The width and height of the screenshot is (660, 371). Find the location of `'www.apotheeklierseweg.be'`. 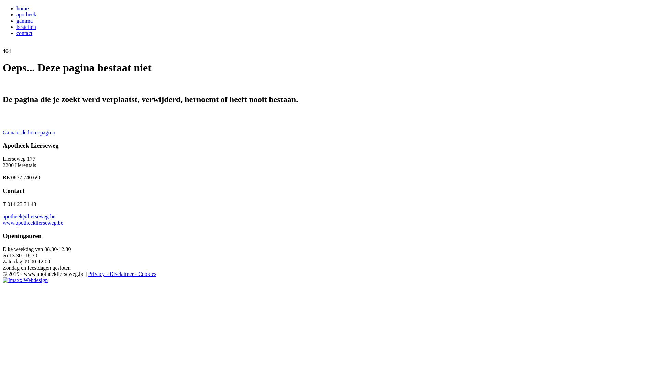

'www.apotheeklierseweg.be' is located at coordinates (33, 223).